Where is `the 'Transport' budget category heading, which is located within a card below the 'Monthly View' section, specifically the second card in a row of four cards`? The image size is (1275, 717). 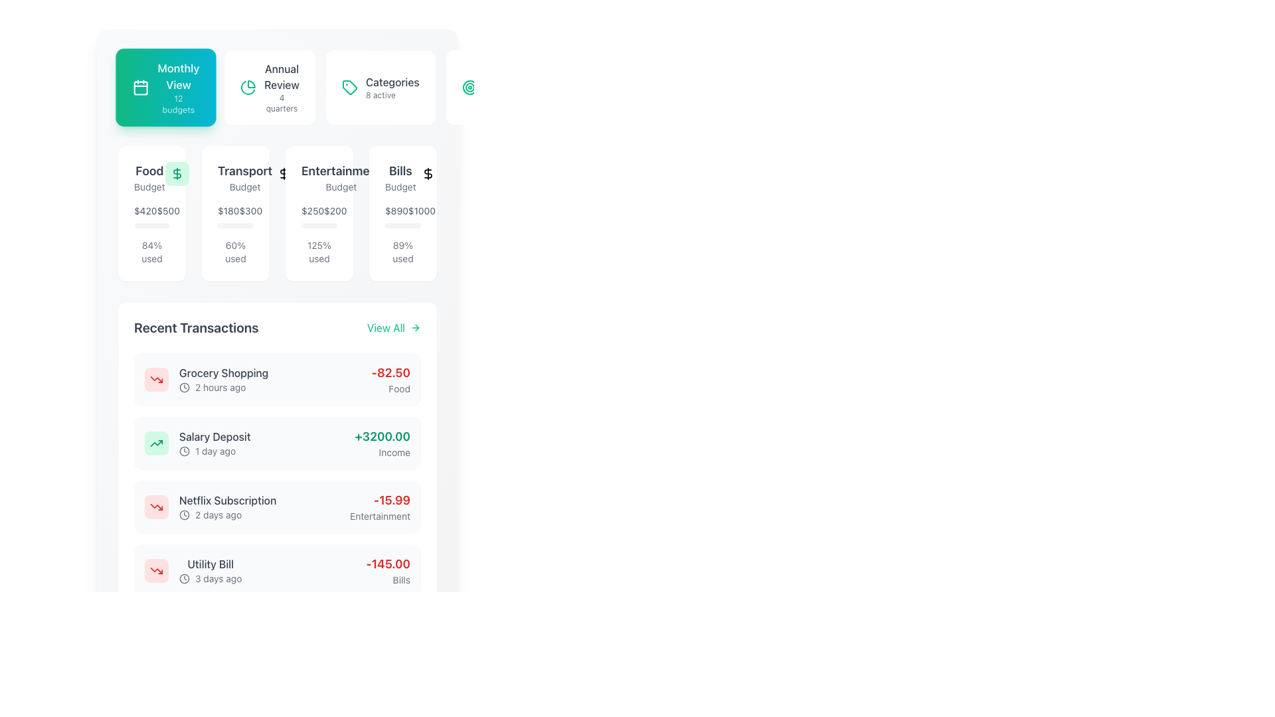 the 'Transport' budget category heading, which is located within a card below the 'Monthly View' section, specifically the second card in a row of four cards is located at coordinates (245, 177).